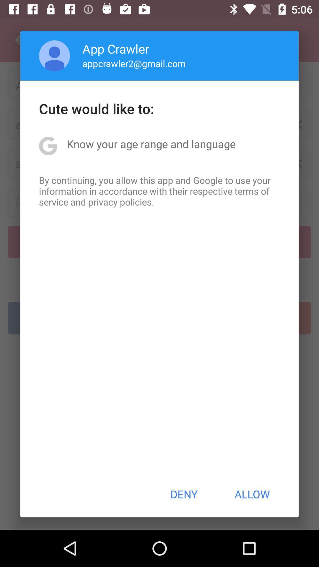  What do you see at coordinates (183, 494) in the screenshot?
I see `the item next to allow` at bounding box center [183, 494].